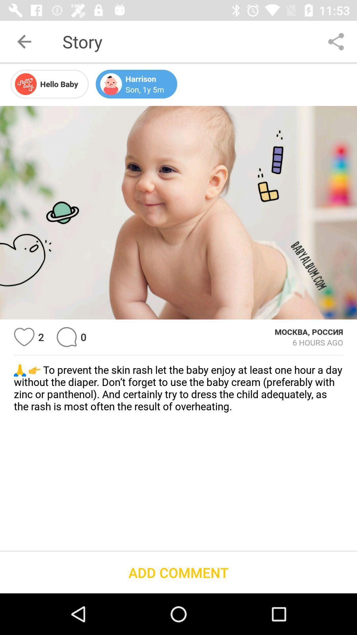 This screenshot has width=357, height=635. I want to click on to favorites, so click(24, 337).